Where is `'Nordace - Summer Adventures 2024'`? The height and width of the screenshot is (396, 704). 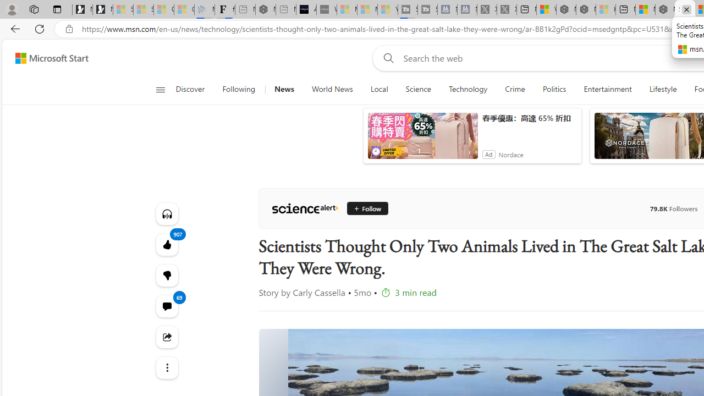
'Nordace - Summer Adventures 2024' is located at coordinates (585, 9).